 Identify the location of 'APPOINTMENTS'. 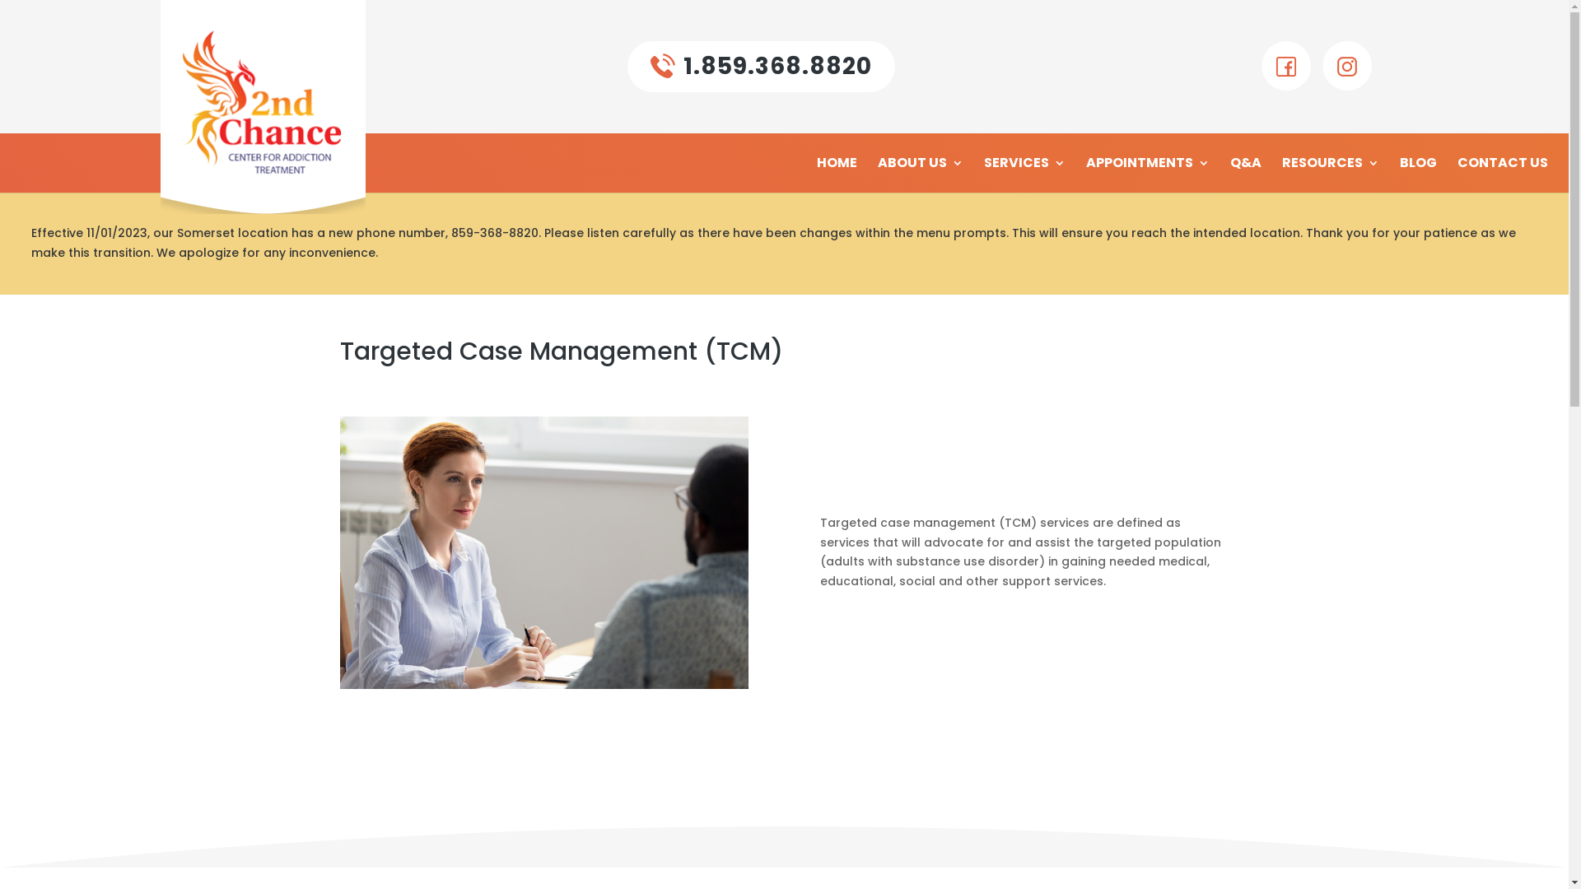
(1086, 175).